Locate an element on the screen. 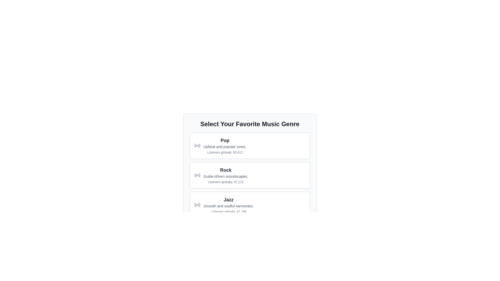  the Text Label that indicates the number of global listeners for the 'Pop' genre, located below the description 'Upbeat and popular tunes.' is located at coordinates (225, 152).